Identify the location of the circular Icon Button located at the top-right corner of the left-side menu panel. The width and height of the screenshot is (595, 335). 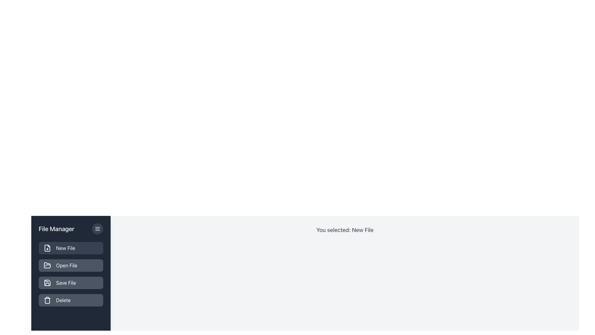
(97, 229).